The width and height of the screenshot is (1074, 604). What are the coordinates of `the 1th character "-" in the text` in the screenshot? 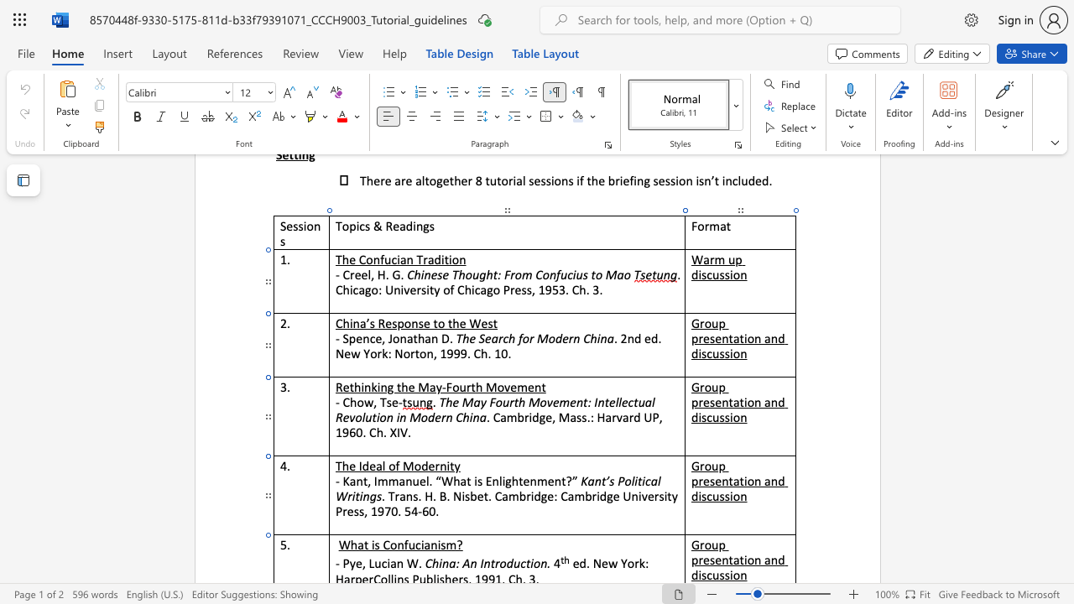 It's located at (336, 563).